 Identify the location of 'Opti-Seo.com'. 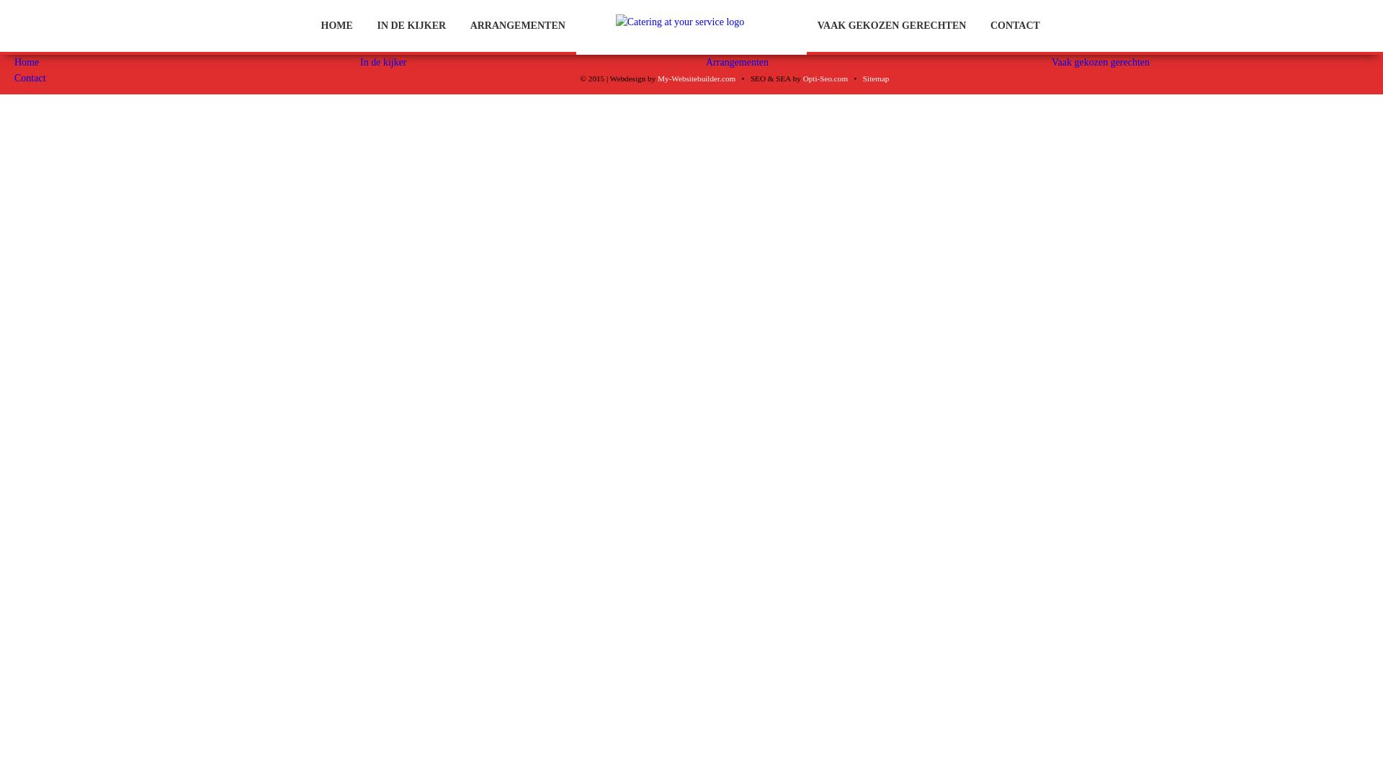
(802, 78).